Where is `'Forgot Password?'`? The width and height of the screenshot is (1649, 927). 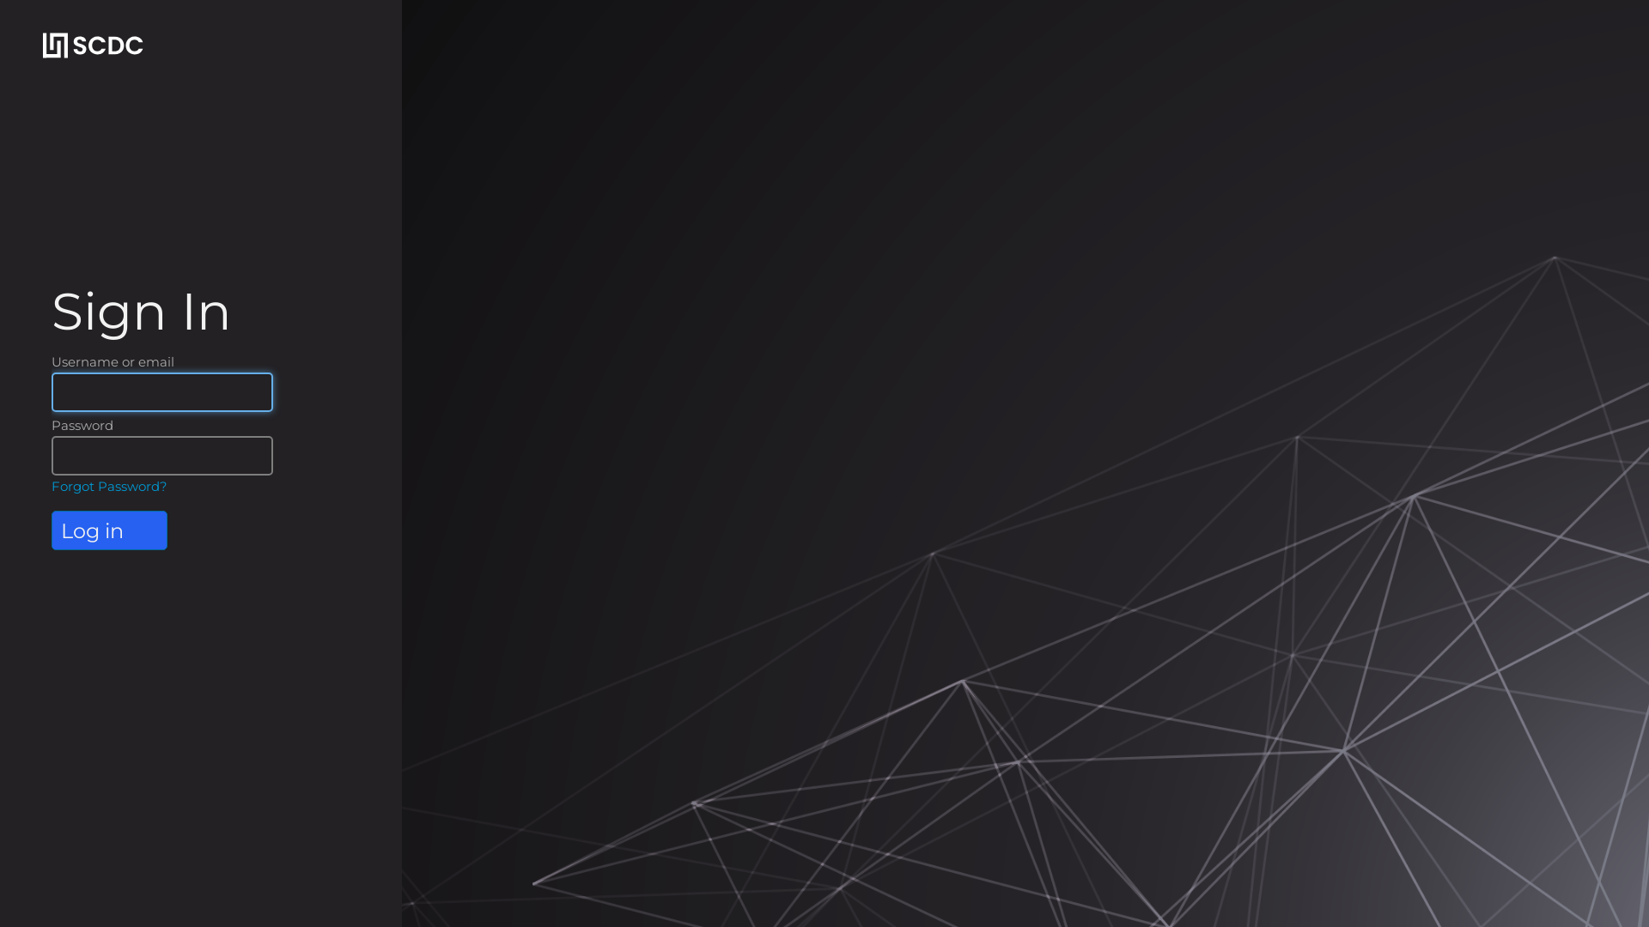
'Forgot Password?' is located at coordinates (51, 486).